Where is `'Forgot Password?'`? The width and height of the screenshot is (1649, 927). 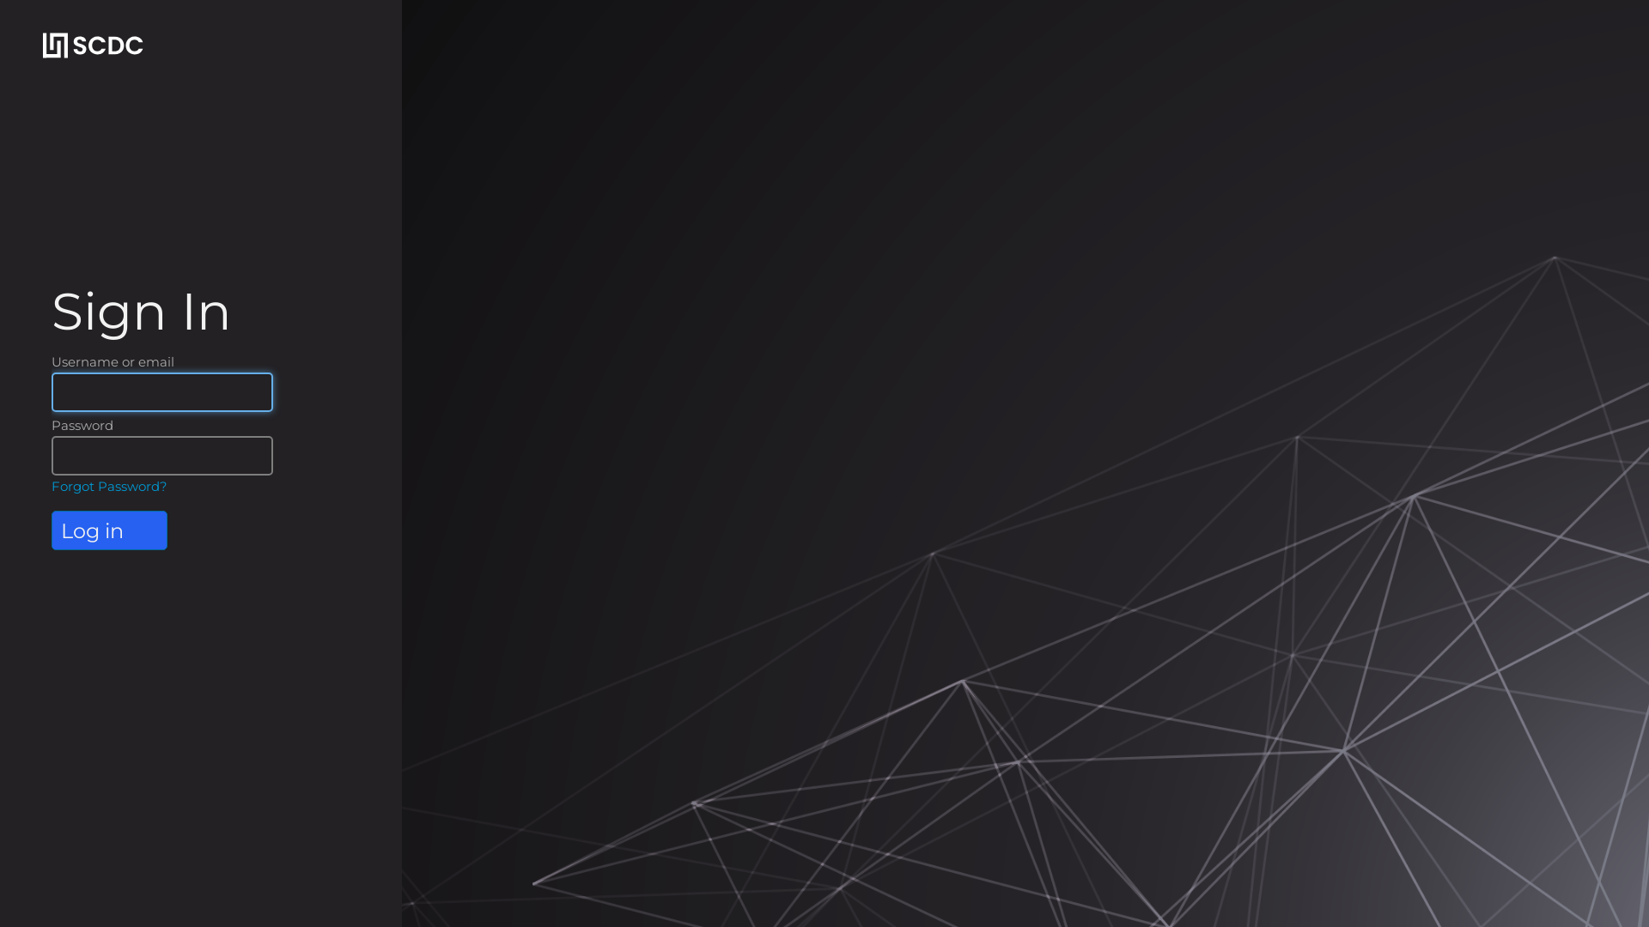
'Forgot Password?' is located at coordinates (51, 486).